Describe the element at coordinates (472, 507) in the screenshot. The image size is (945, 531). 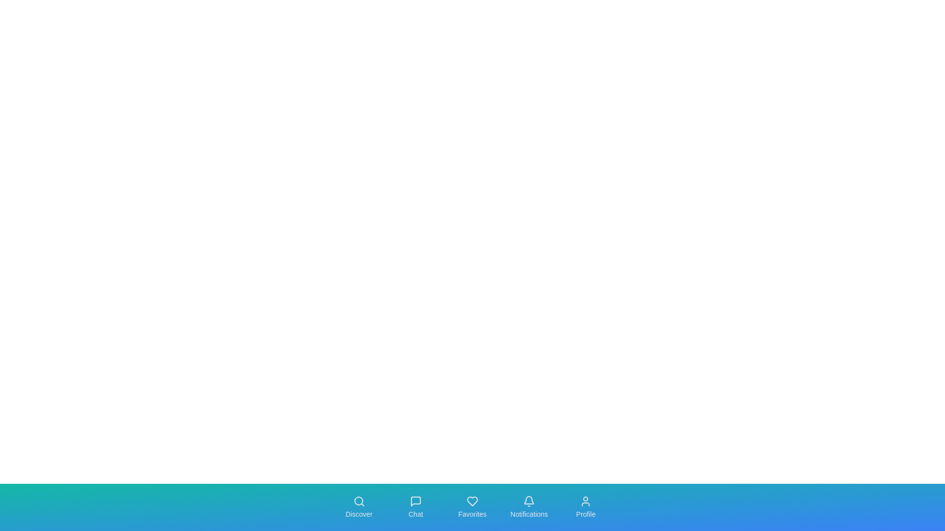
I see `the navigation tab labeled Favorites` at that location.